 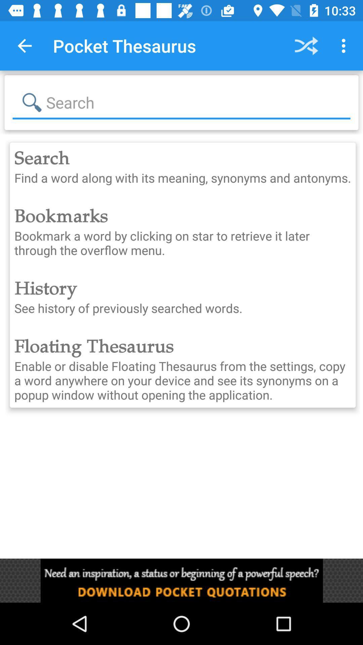 I want to click on new advertisement open box, so click(x=182, y=580).